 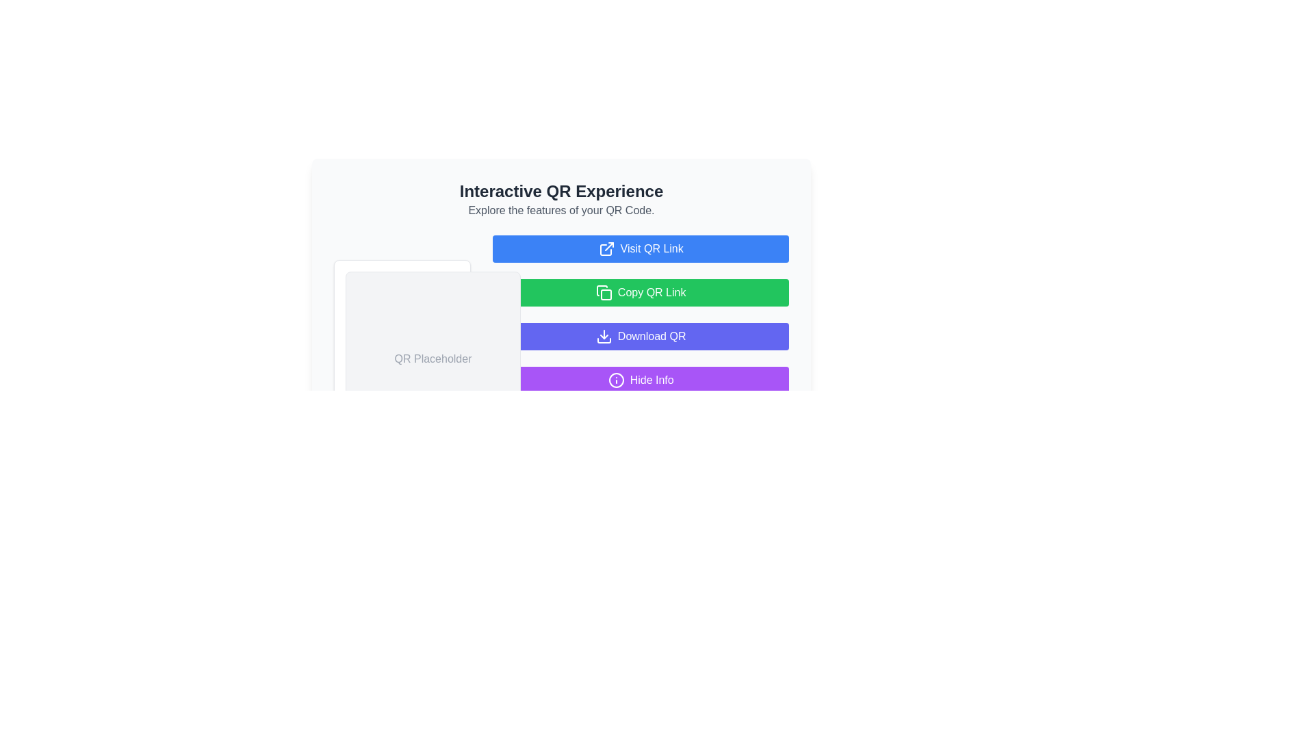 I want to click on the download icon located on the button labeled 'Download QR', which has a white stroke color against a blue background, so click(x=603, y=337).